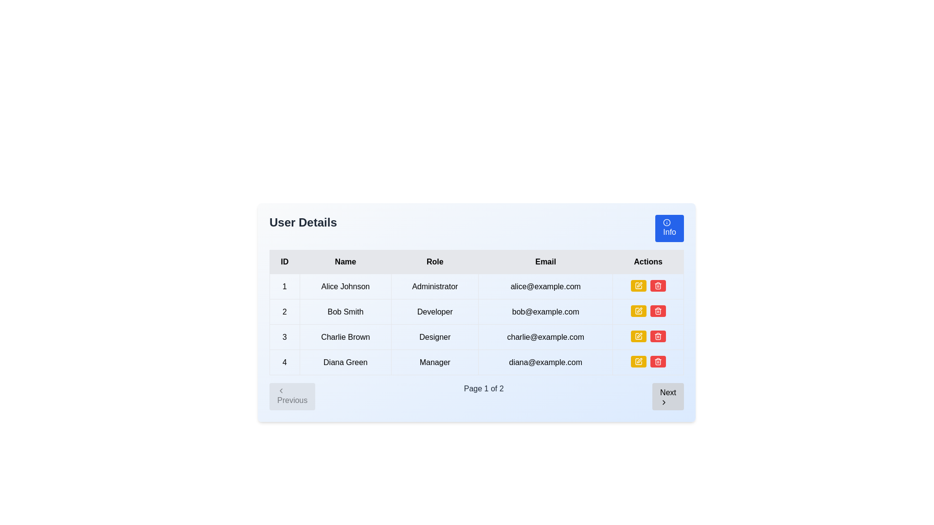  Describe the element at coordinates (638, 311) in the screenshot. I see `the Edit Button icon, which is a square outline with a pen, located in the Actions column for the row of 'Alice Johnson'` at that location.